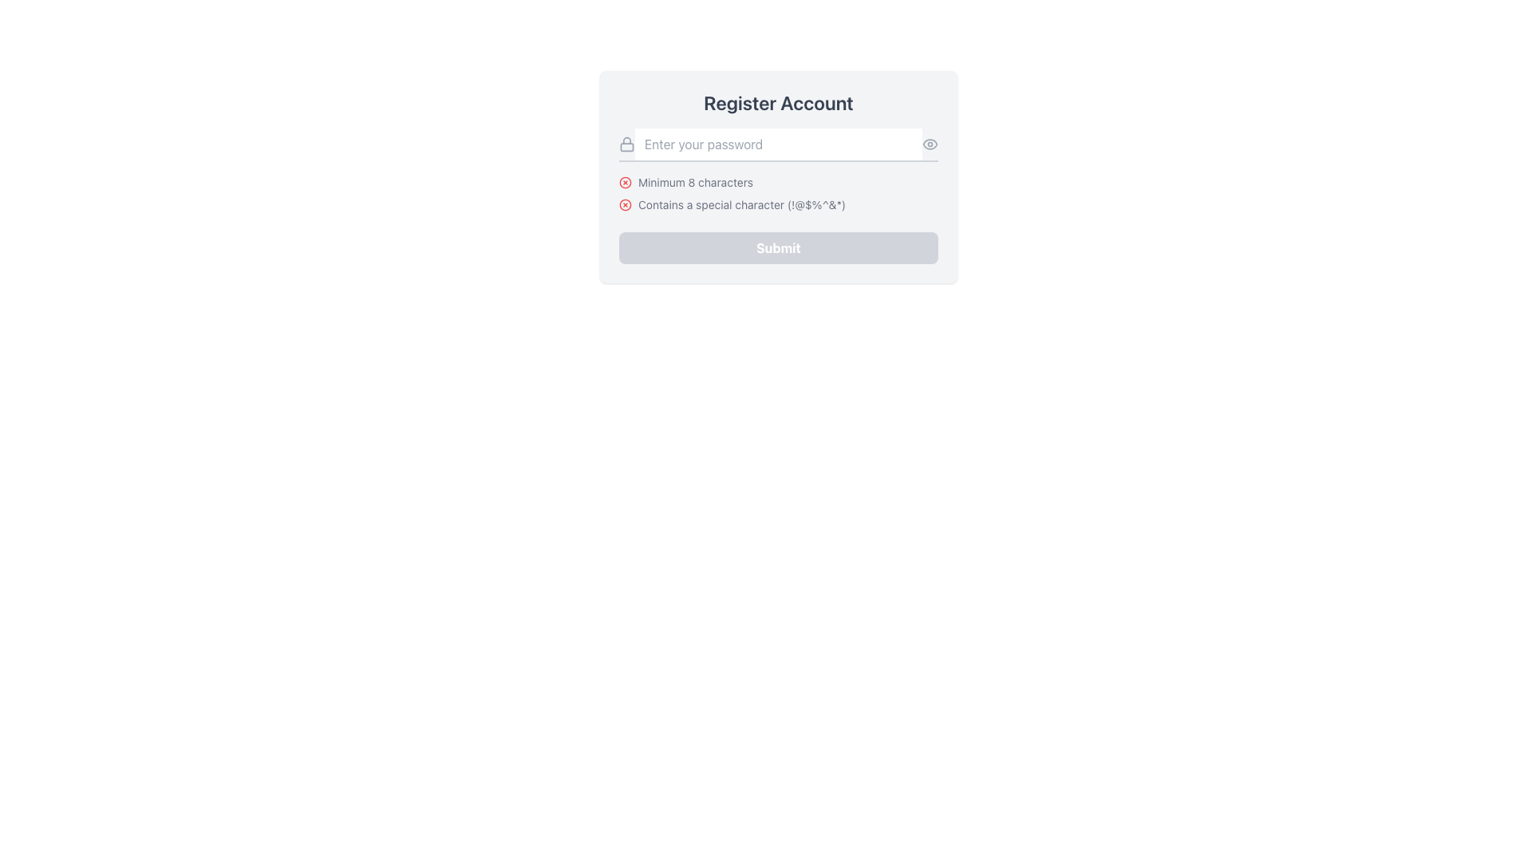  What do you see at coordinates (778, 248) in the screenshot?
I see `the 'Submit' button for the registration form` at bounding box center [778, 248].